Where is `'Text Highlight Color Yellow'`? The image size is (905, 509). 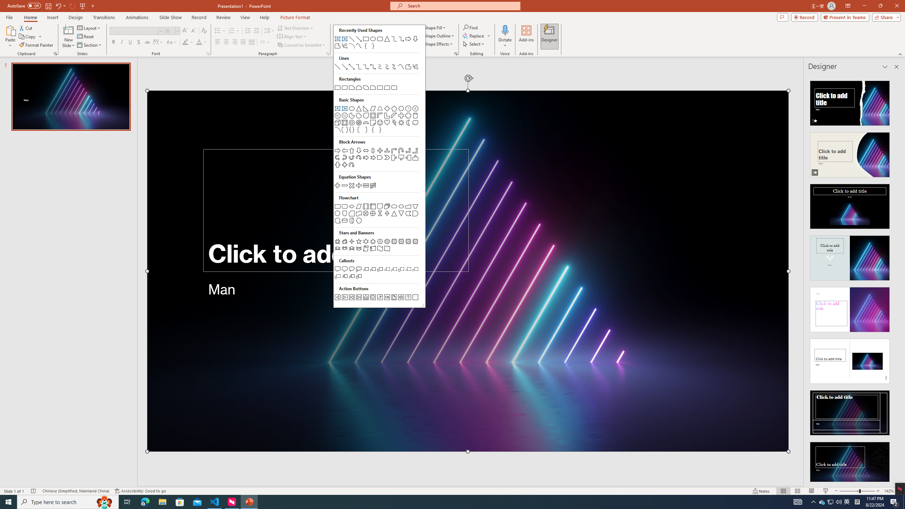
'Text Highlight Color Yellow' is located at coordinates (185, 42).